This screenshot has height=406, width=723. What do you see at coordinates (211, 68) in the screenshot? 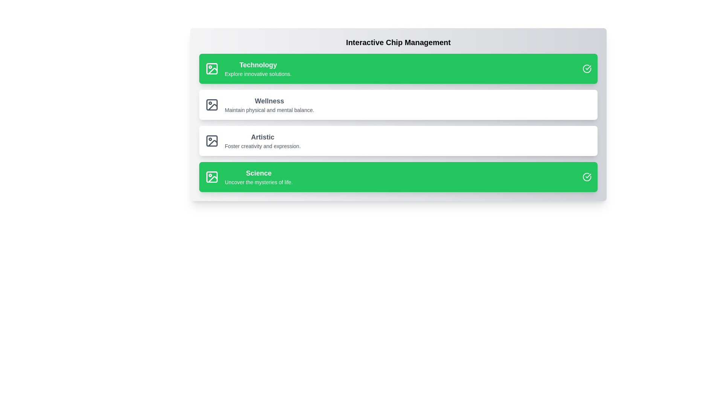
I see `the icon inside the chip labeled 'Technology' to inspect it` at bounding box center [211, 68].